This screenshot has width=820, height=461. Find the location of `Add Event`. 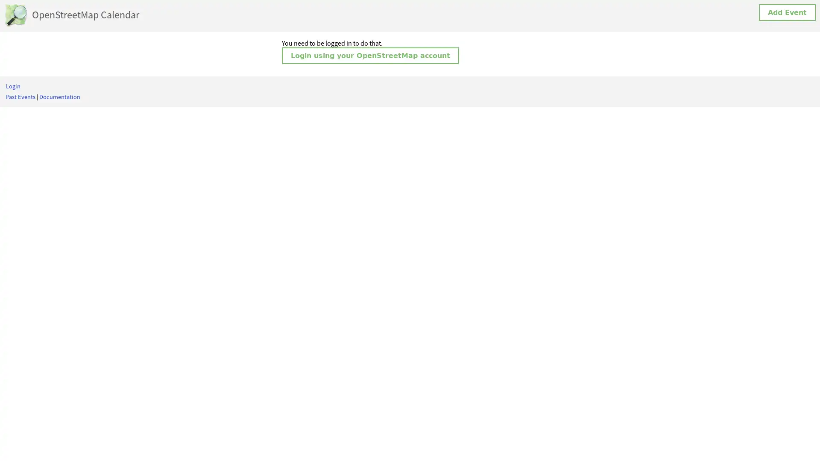

Add Event is located at coordinates (787, 12).